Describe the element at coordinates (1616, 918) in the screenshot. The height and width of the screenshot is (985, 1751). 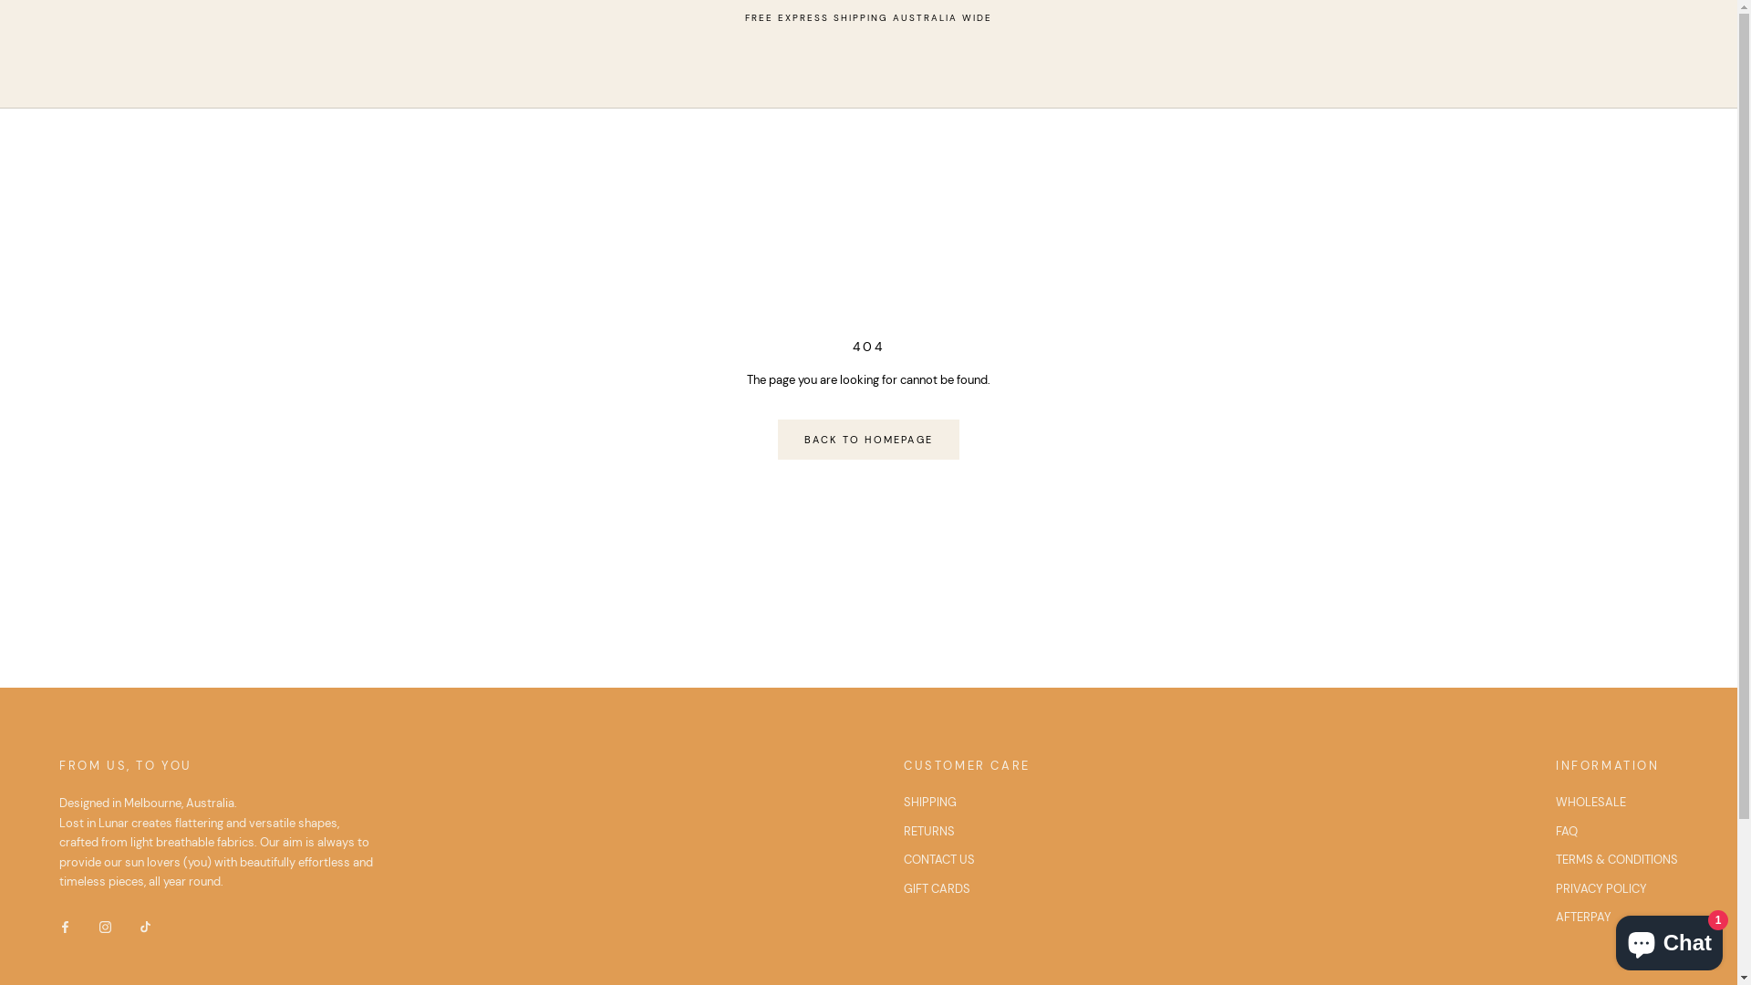
I see `'AFTERPAY'` at that location.